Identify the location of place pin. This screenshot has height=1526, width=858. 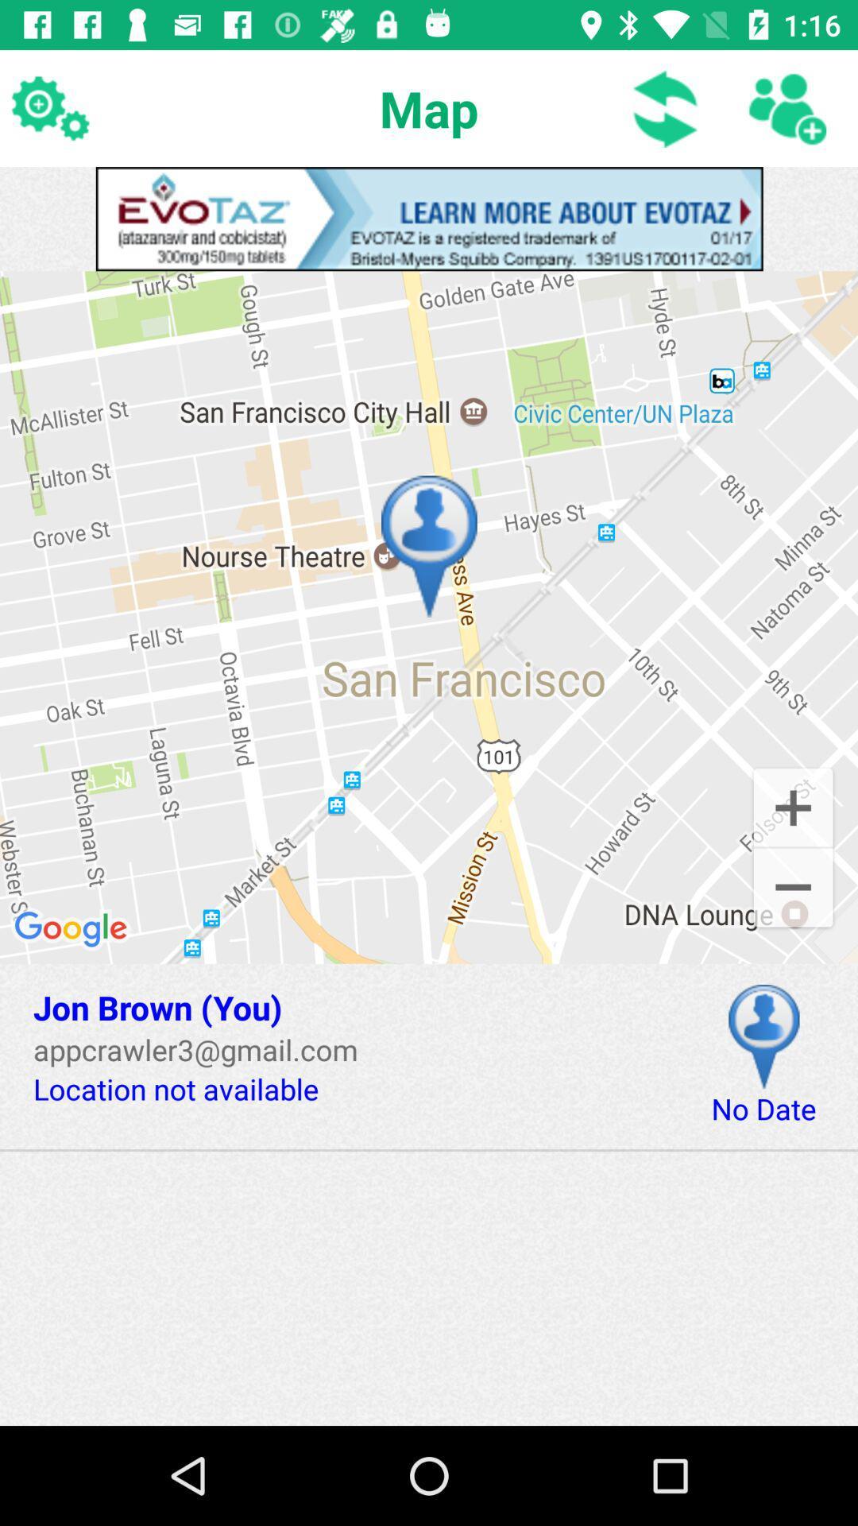
(763, 1036).